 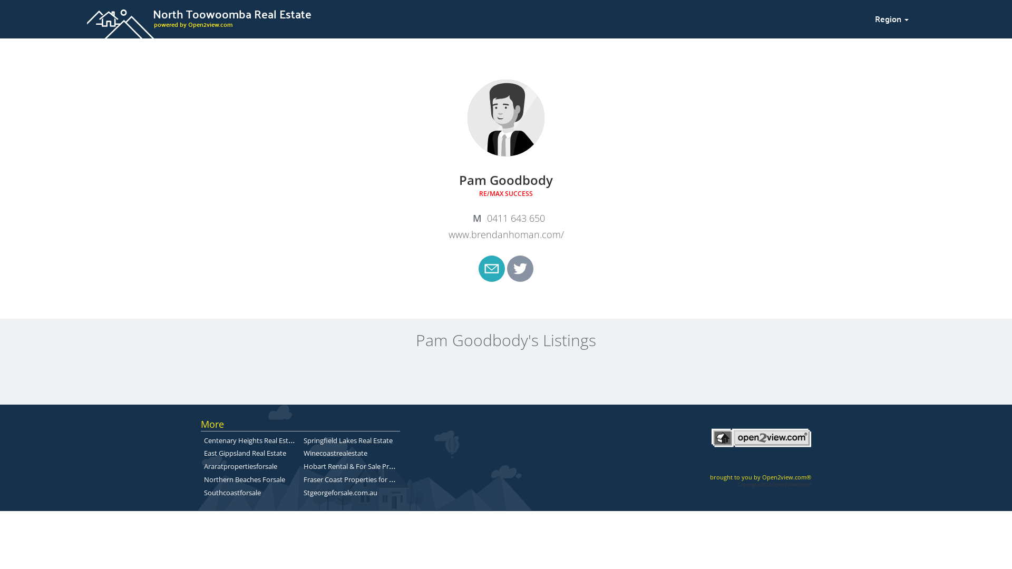 I want to click on 'Fraser Coast Properties for Sale', so click(x=352, y=479).